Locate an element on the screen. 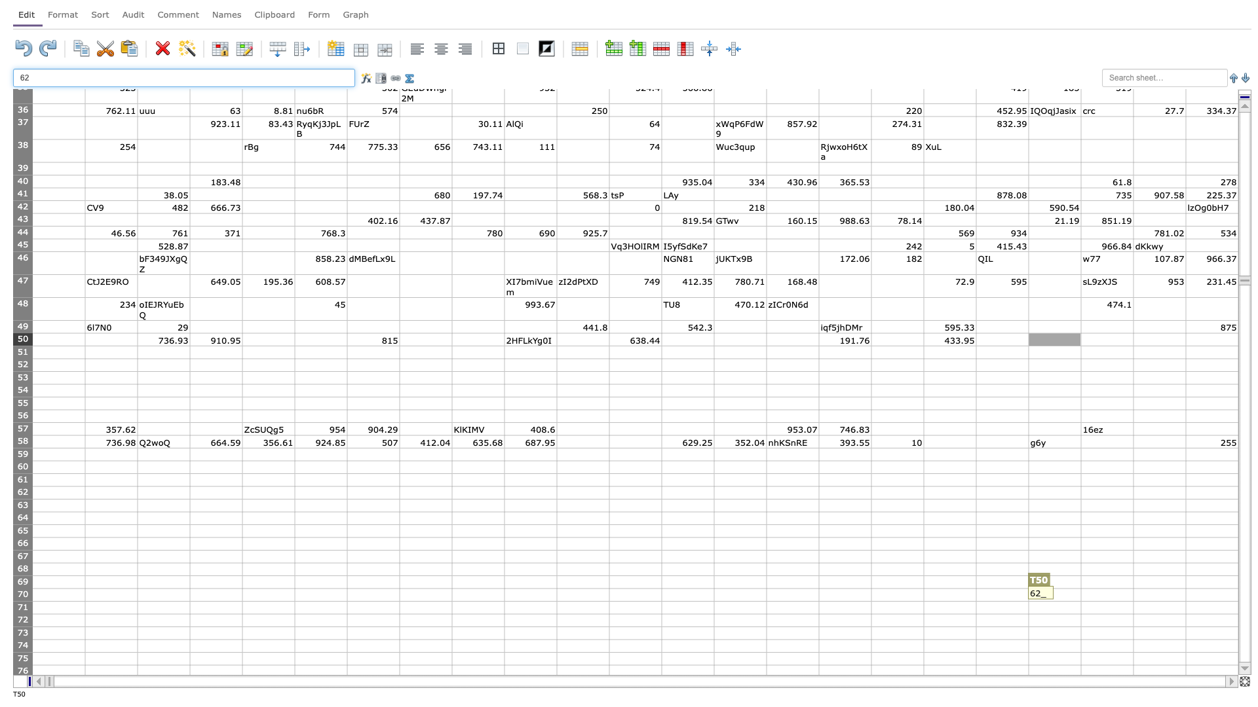 The width and height of the screenshot is (1258, 707). fill handle point of C71 is located at coordinates (189, 613).